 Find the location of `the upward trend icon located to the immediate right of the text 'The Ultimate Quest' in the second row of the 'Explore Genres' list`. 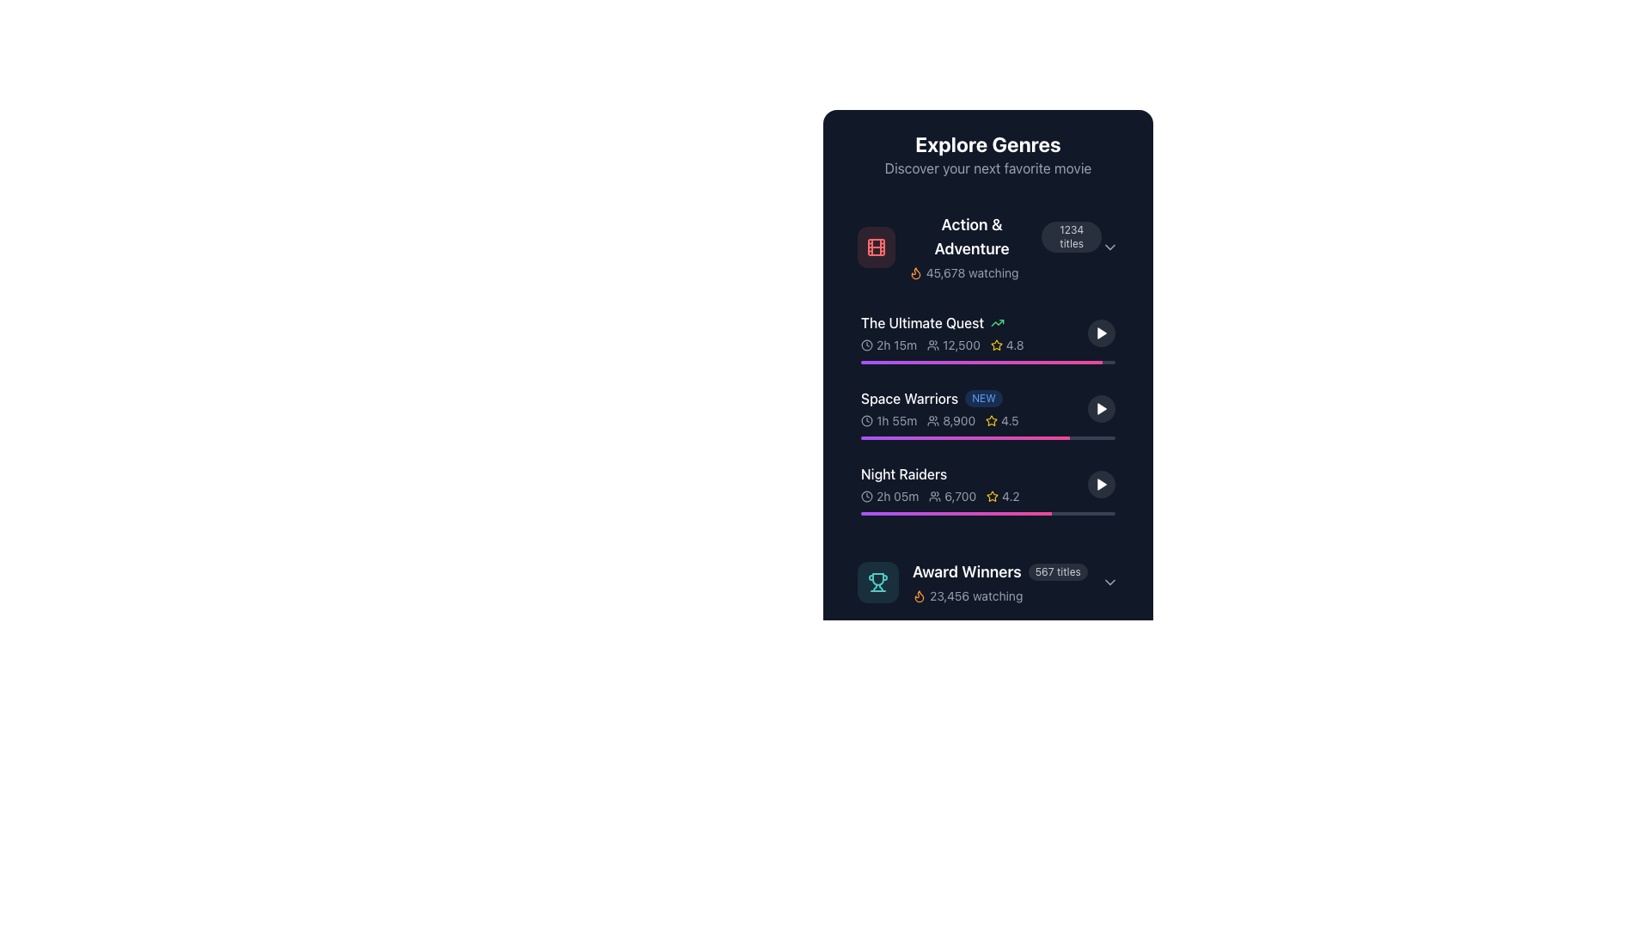

the upward trend icon located to the immediate right of the text 'The Ultimate Quest' in the second row of the 'Explore Genres' list is located at coordinates (998, 322).